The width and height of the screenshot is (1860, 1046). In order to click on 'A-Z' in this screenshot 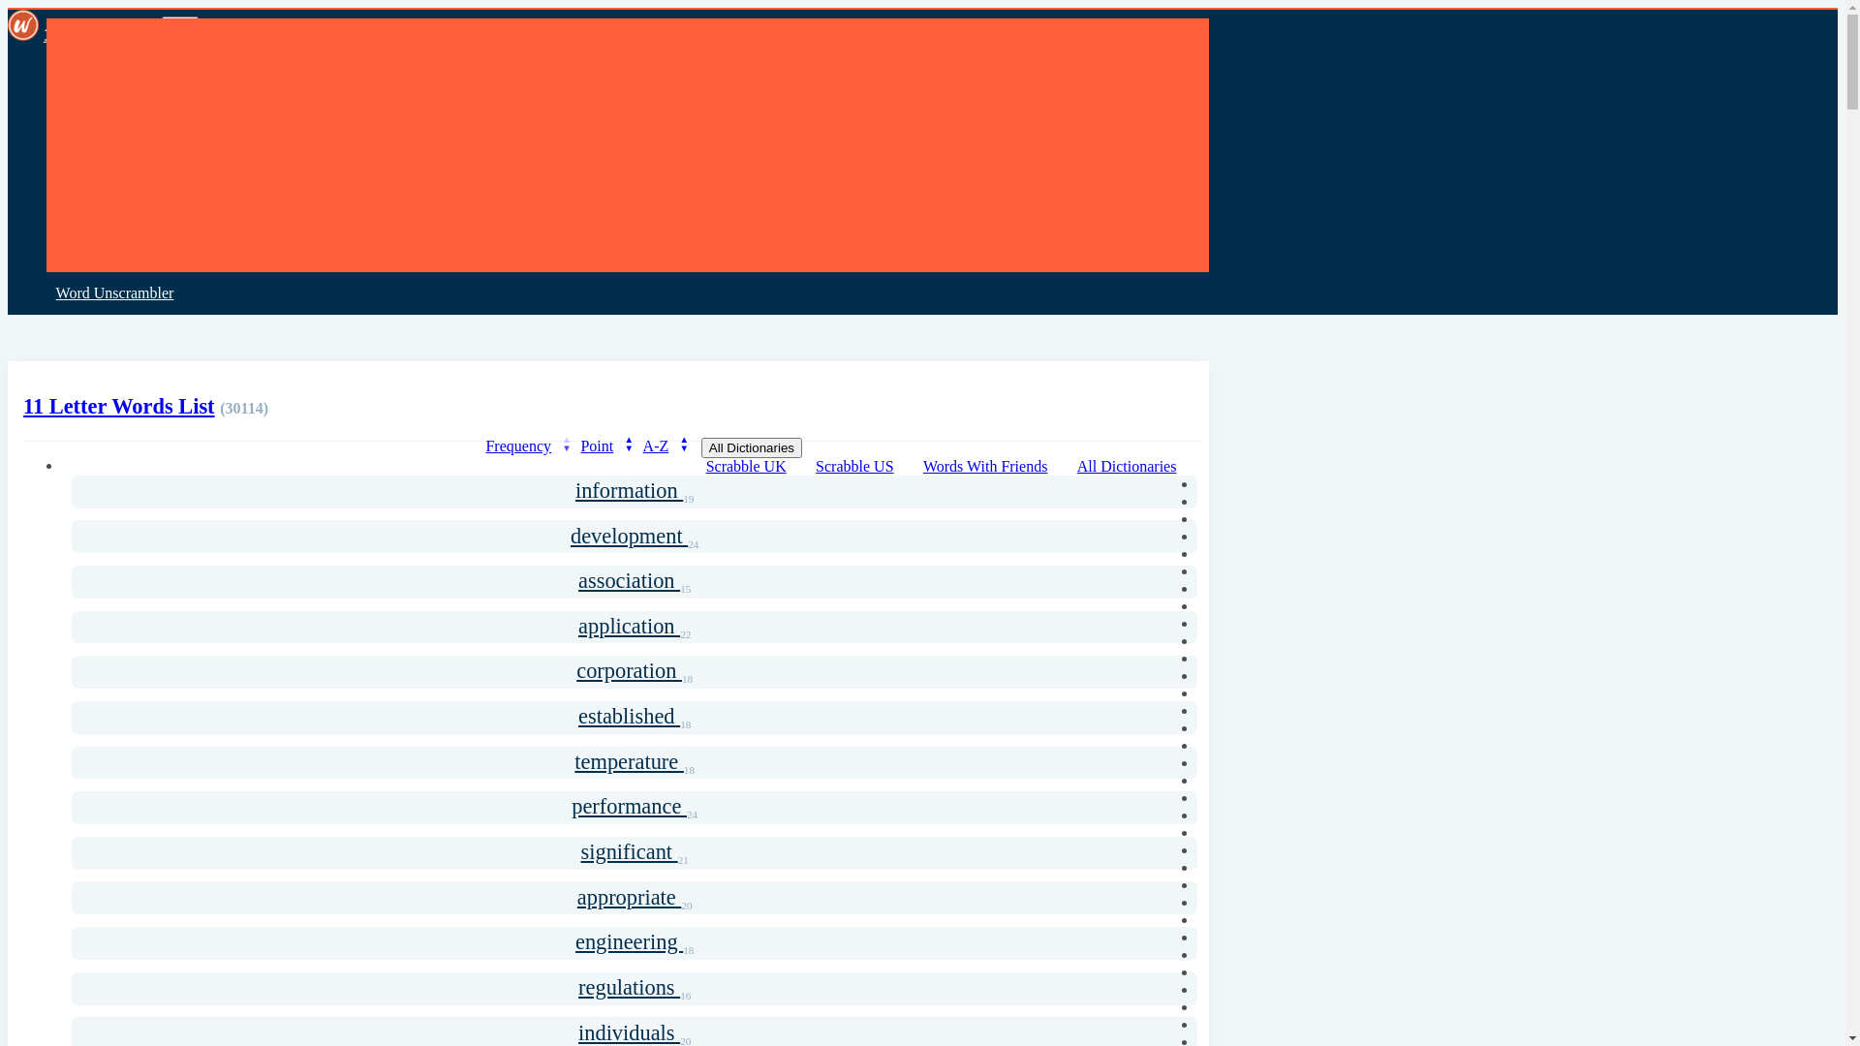, I will do `click(668, 446)`.